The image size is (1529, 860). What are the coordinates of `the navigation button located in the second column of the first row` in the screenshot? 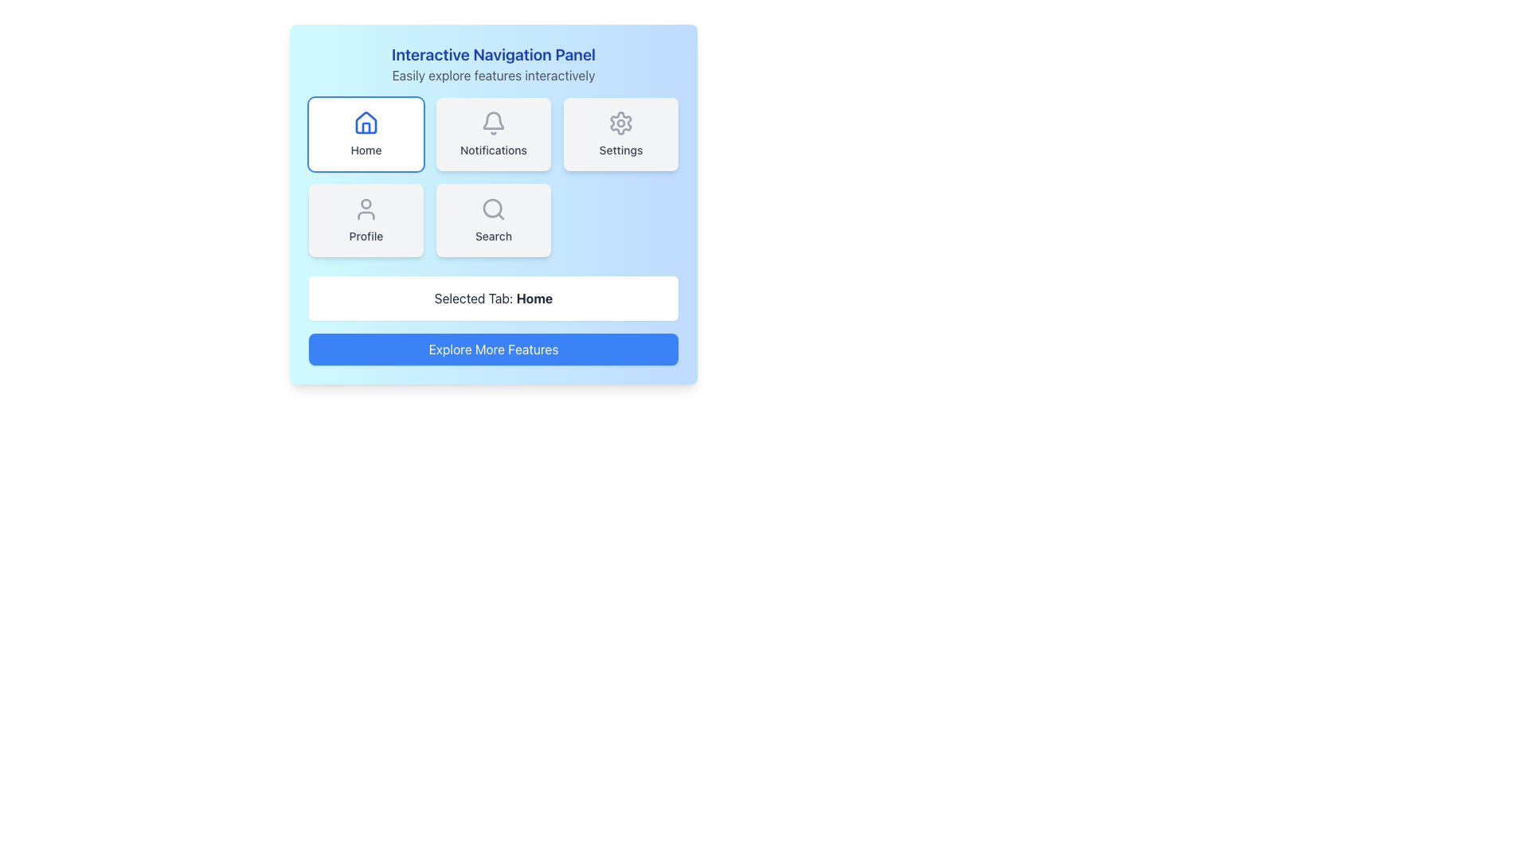 It's located at (492, 134).